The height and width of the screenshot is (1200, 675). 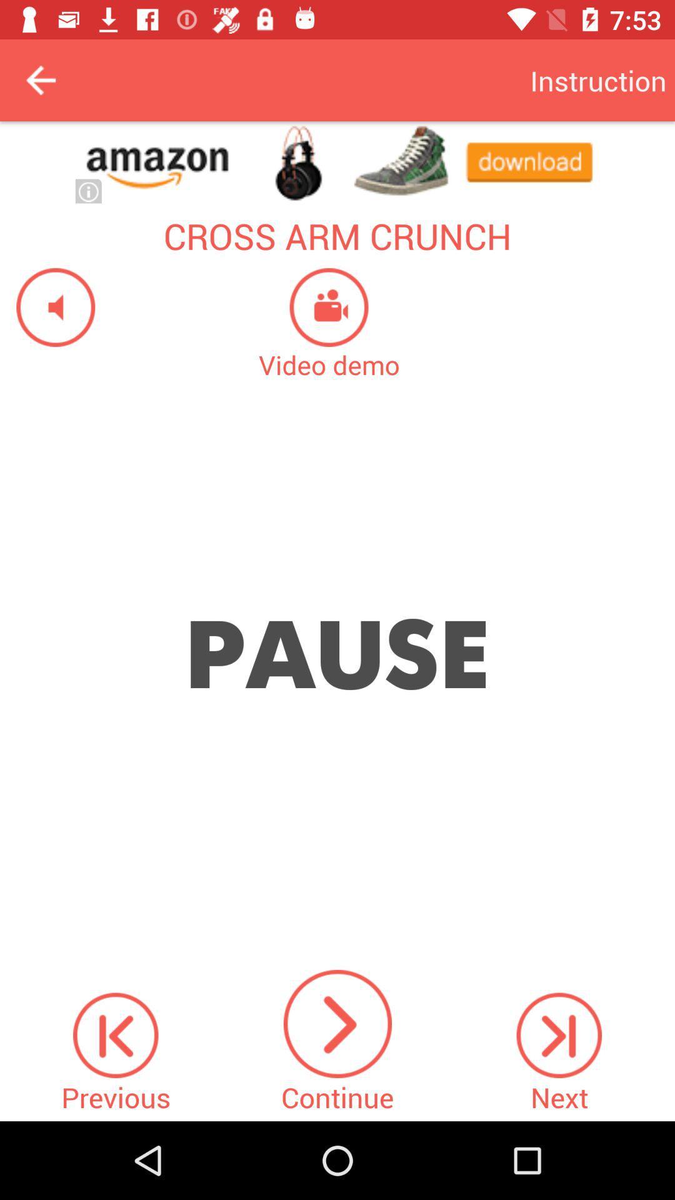 What do you see at coordinates (47, 307) in the screenshot?
I see `audio` at bounding box center [47, 307].